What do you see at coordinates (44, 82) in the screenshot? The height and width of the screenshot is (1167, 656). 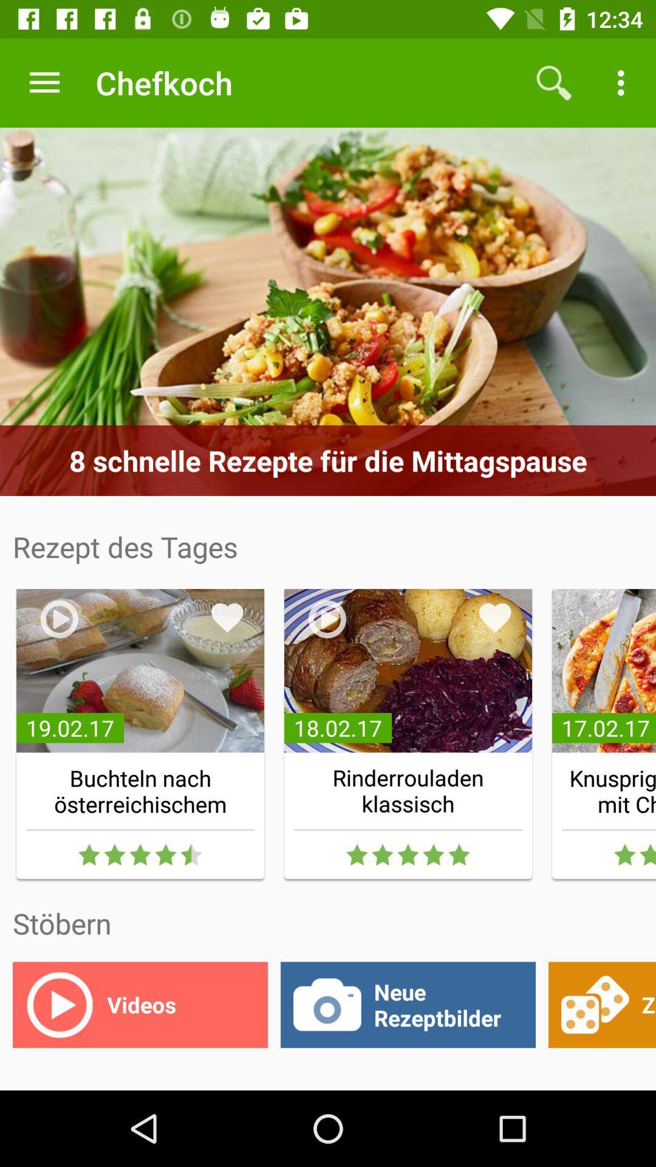 I see `app next to chefkoch icon` at bounding box center [44, 82].